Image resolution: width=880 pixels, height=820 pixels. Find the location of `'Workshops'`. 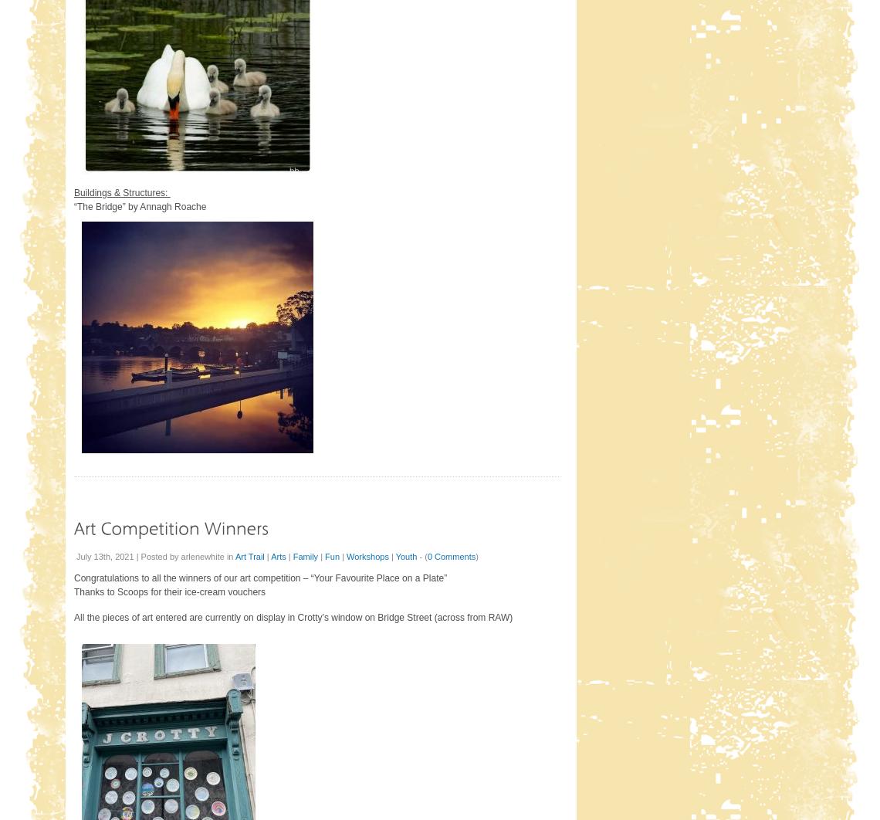

'Workshops' is located at coordinates (367, 556).